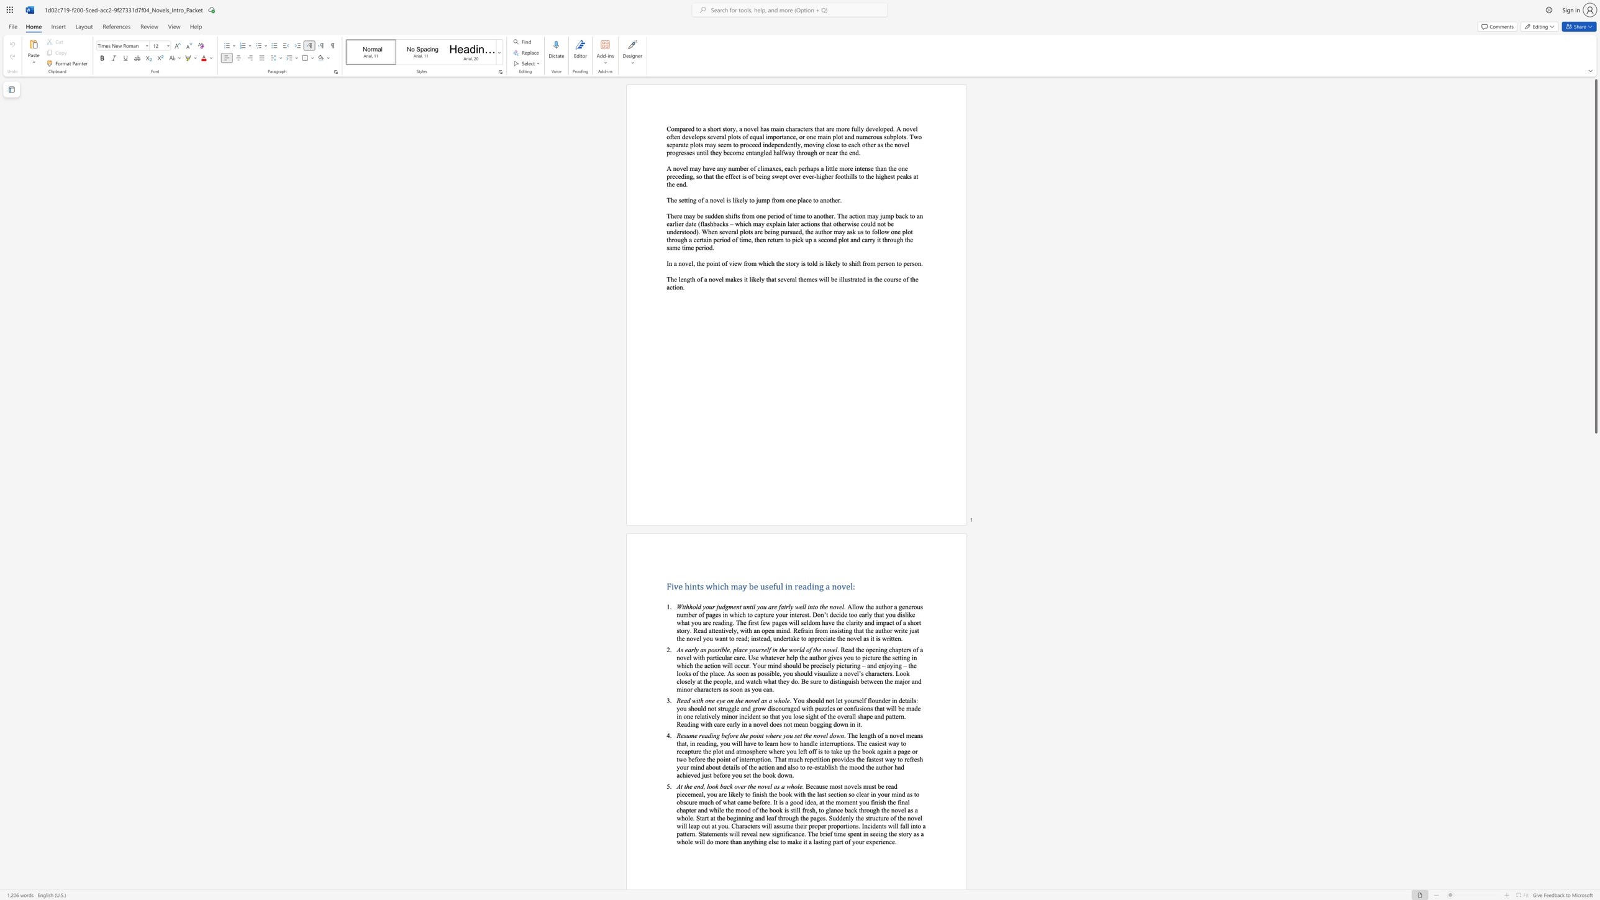  I want to click on the subset text "d of" within the text "As early as possible, place yourself in the world of the novel", so click(801, 648).